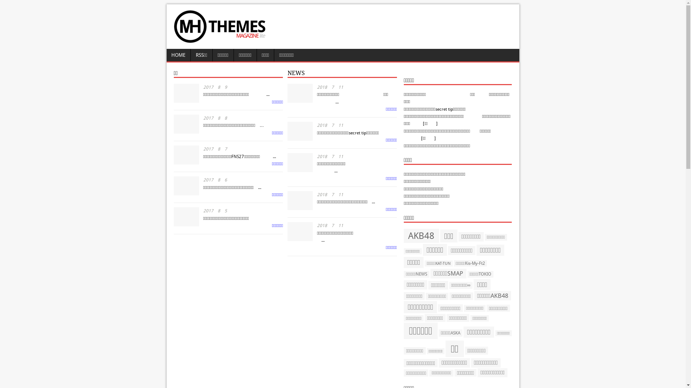 The width and height of the screenshot is (691, 388). Describe the element at coordinates (178, 55) in the screenshot. I see `'HOME'` at that location.